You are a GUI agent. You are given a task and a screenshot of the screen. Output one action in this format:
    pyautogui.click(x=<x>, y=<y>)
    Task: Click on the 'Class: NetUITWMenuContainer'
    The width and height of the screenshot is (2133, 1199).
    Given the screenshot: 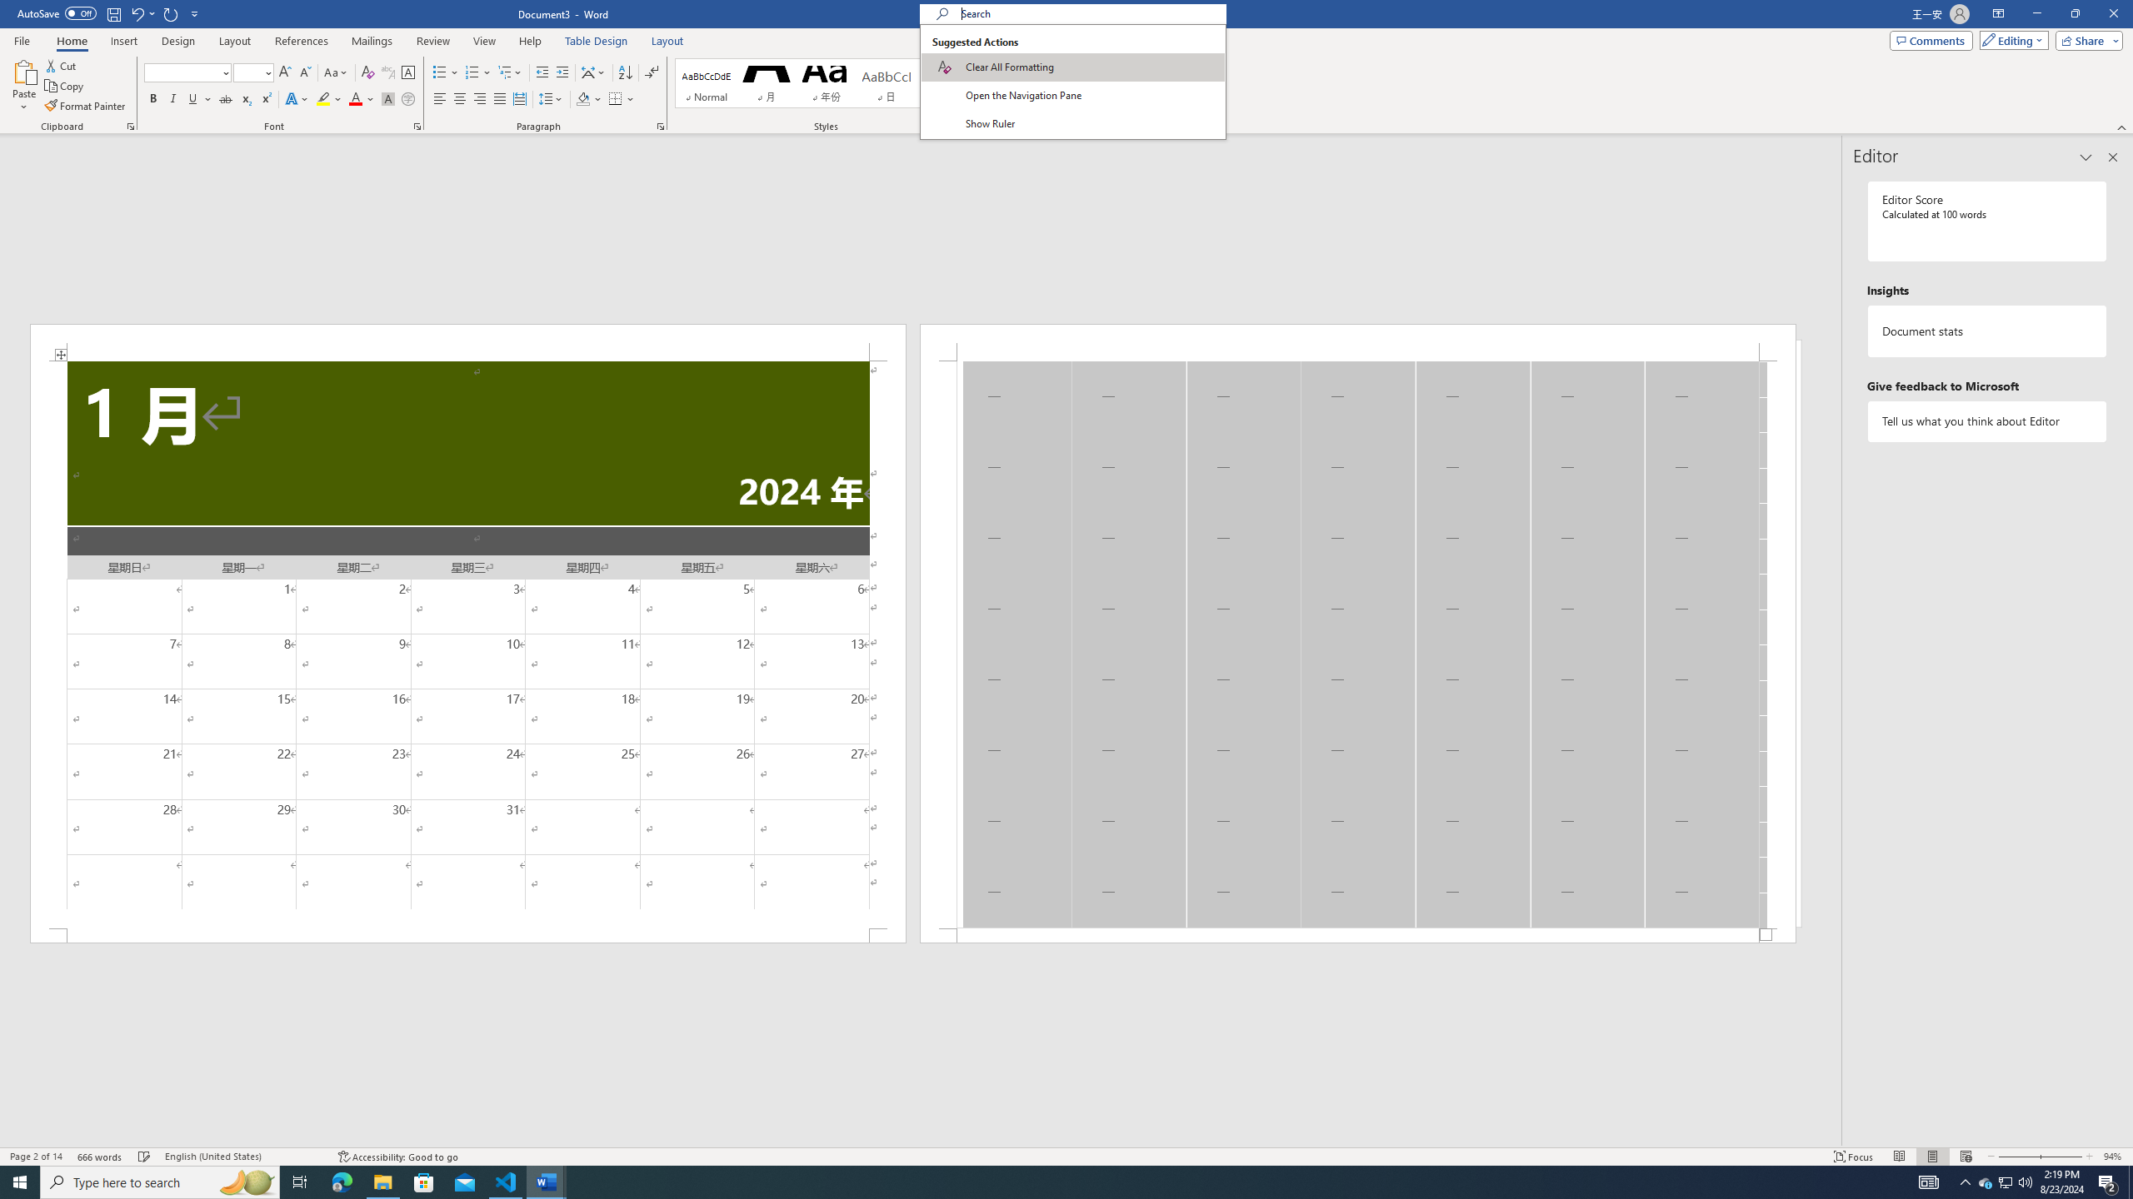 What is the action you would take?
    pyautogui.click(x=1072, y=81)
    